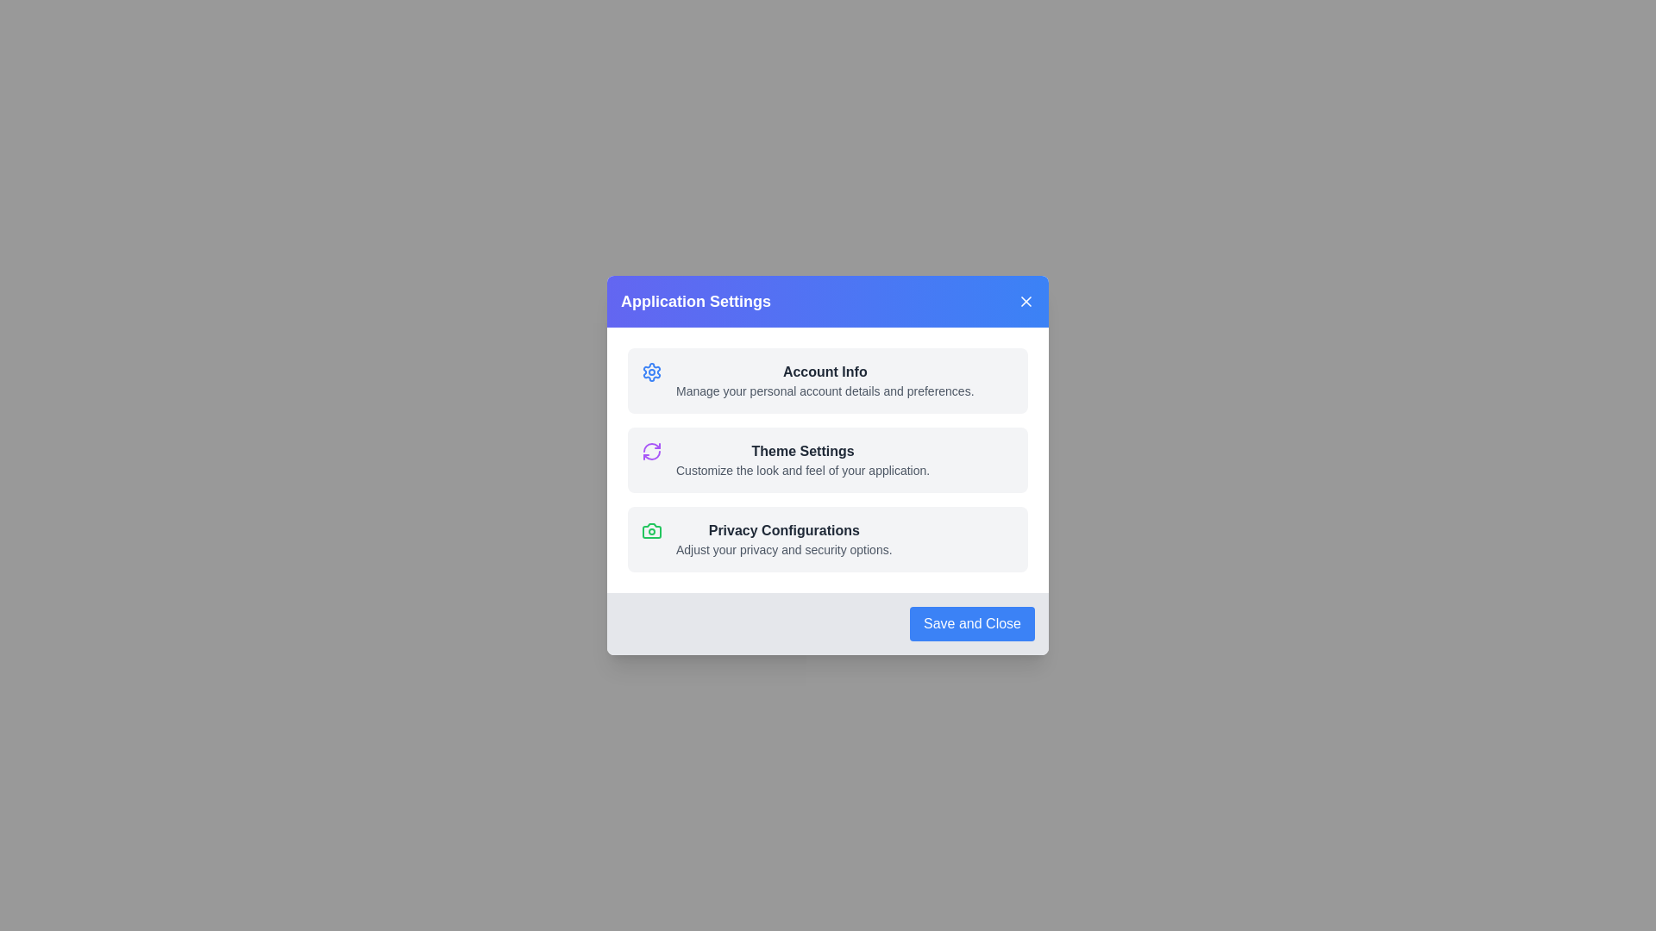  Describe the element at coordinates (828, 459) in the screenshot. I see `the settings section titled Theme Settings` at that location.